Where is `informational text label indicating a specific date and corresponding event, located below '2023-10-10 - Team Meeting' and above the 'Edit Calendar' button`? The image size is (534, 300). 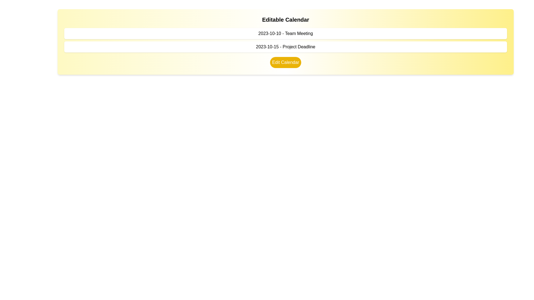
informational text label indicating a specific date and corresponding event, located below '2023-10-10 - Team Meeting' and above the 'Edit Calendar' button is located at coordinates (286, 46).